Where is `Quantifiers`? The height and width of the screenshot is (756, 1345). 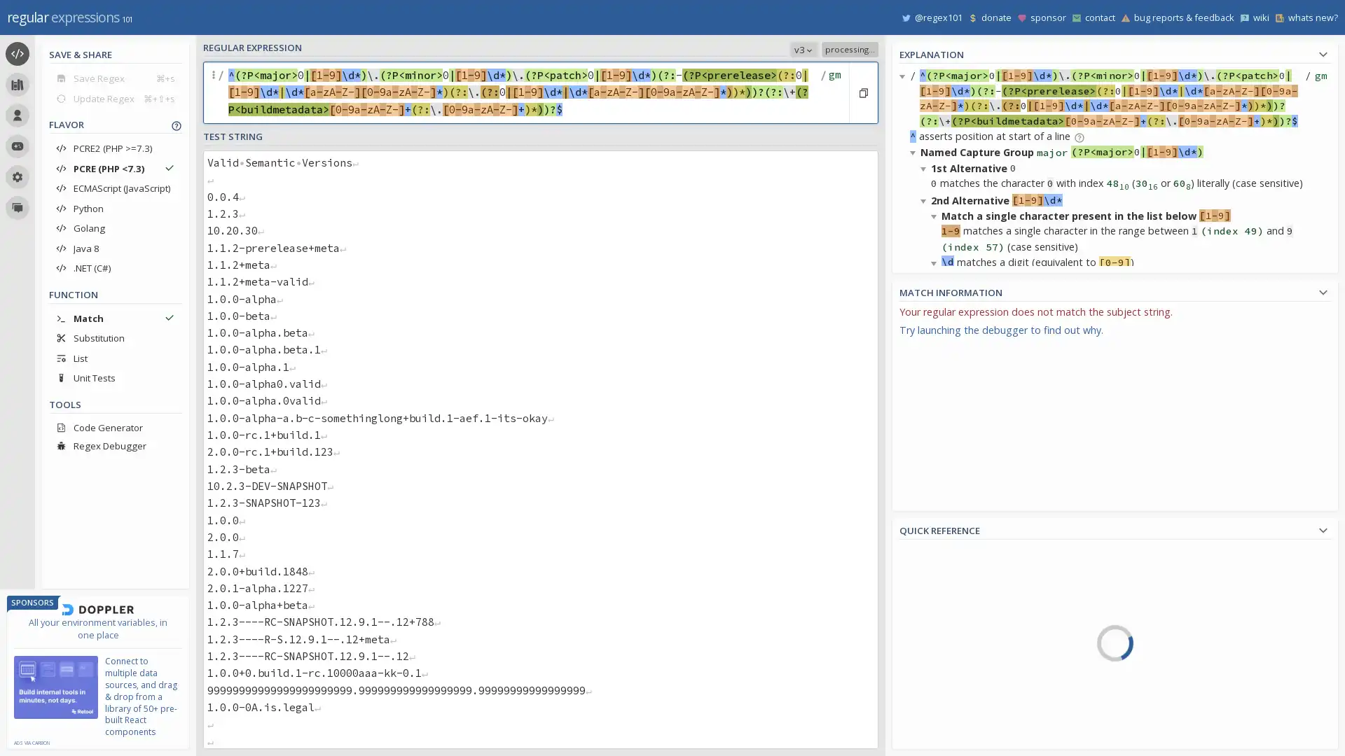 Quantifiers is located at coordinates (965, 680).